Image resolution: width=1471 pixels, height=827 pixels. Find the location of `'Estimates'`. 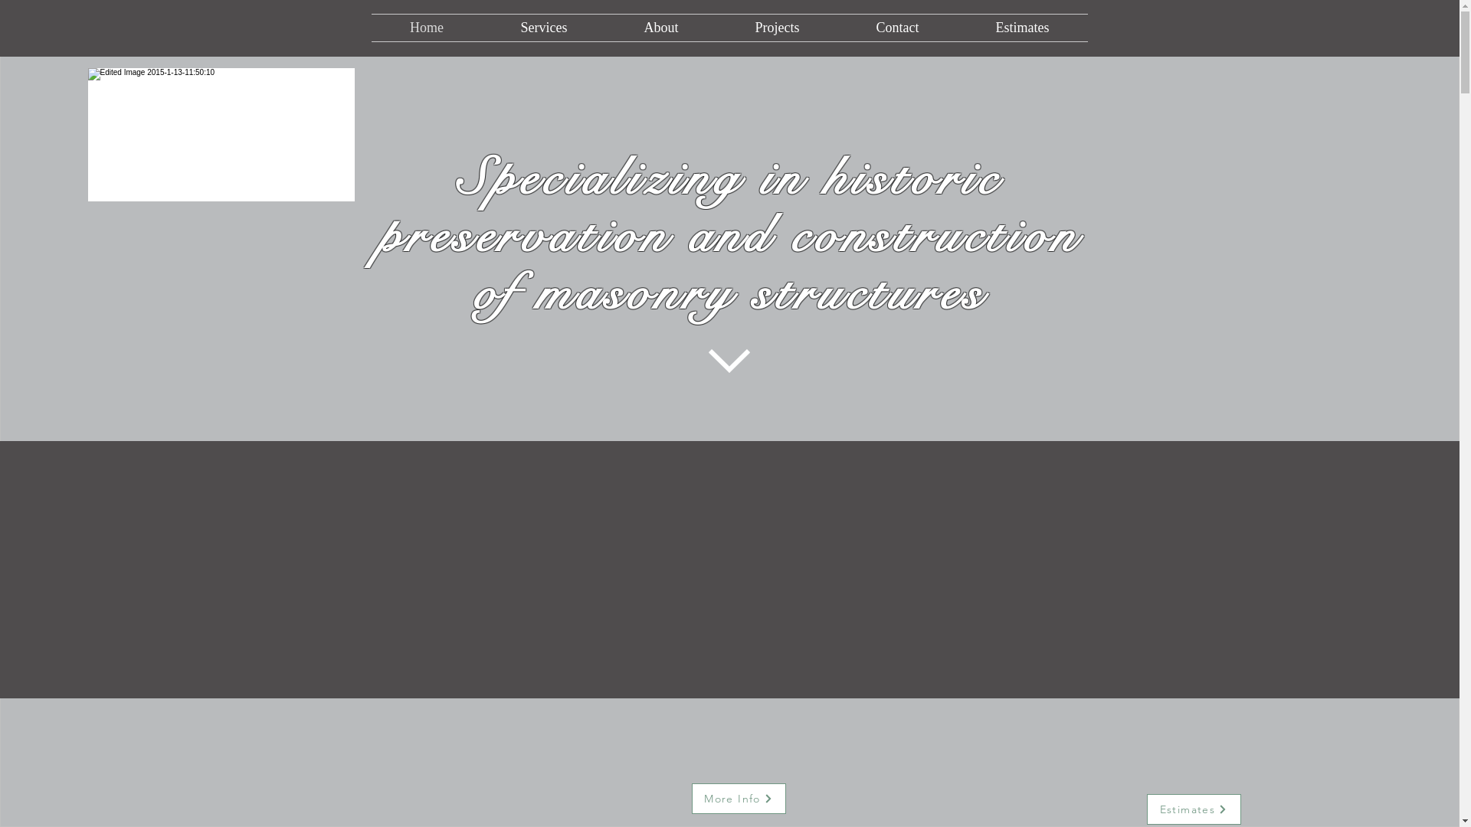

'Estimates' is located at coordinates (1192, 808).